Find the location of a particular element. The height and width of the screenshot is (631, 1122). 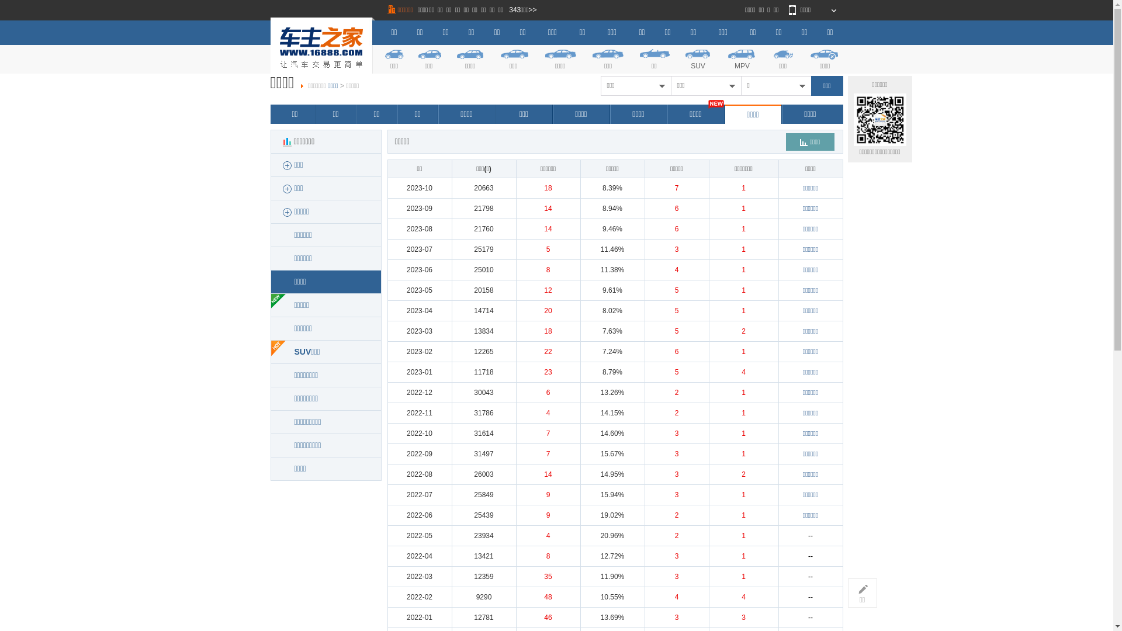

'4' is located at coordinates (740, 372).